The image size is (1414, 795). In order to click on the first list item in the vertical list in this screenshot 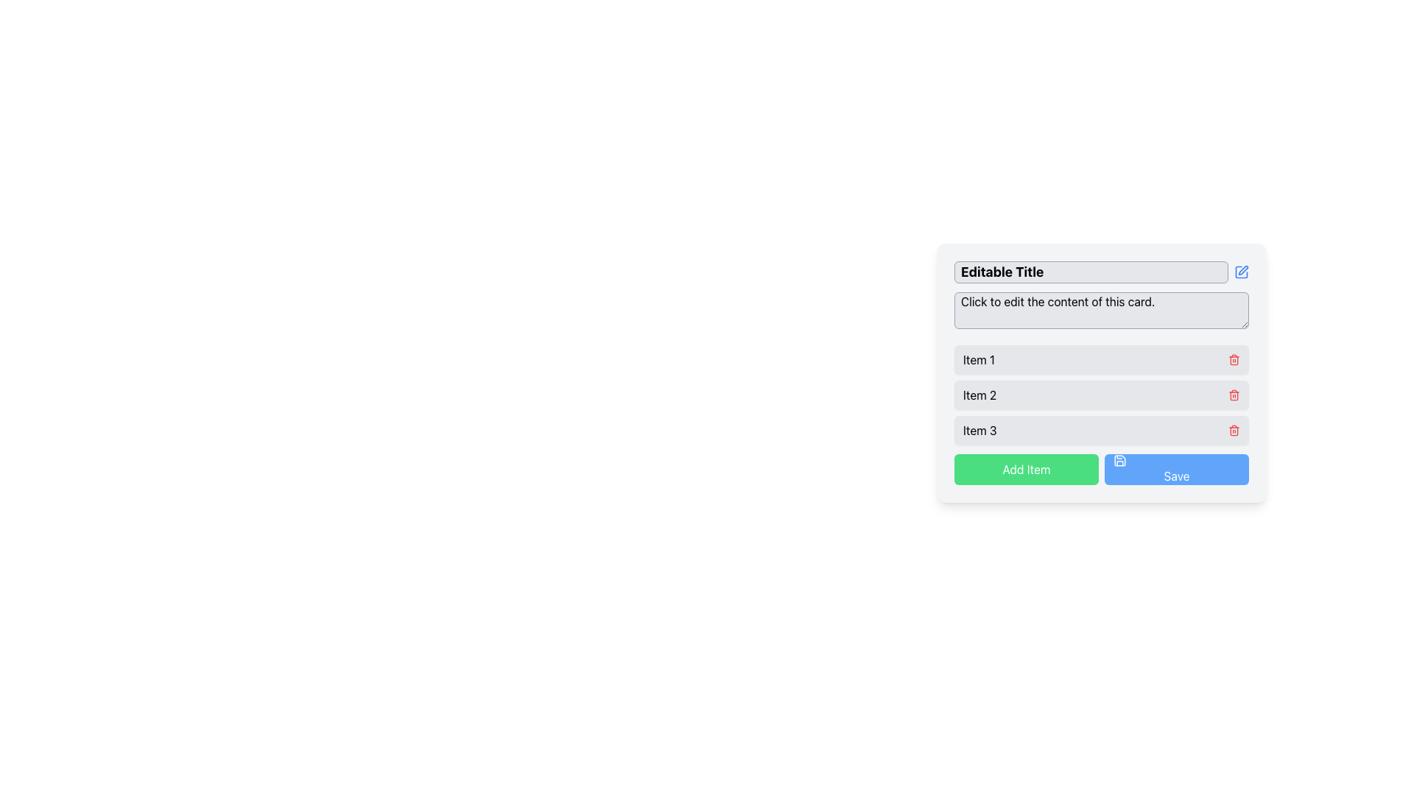, I will do `click(1102, 360)`.